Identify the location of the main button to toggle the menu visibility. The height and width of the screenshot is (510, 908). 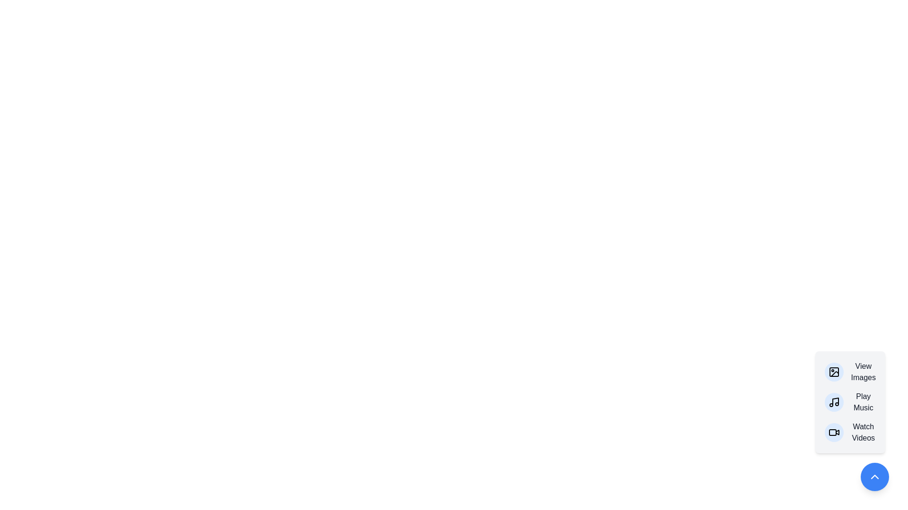
(874, 477).